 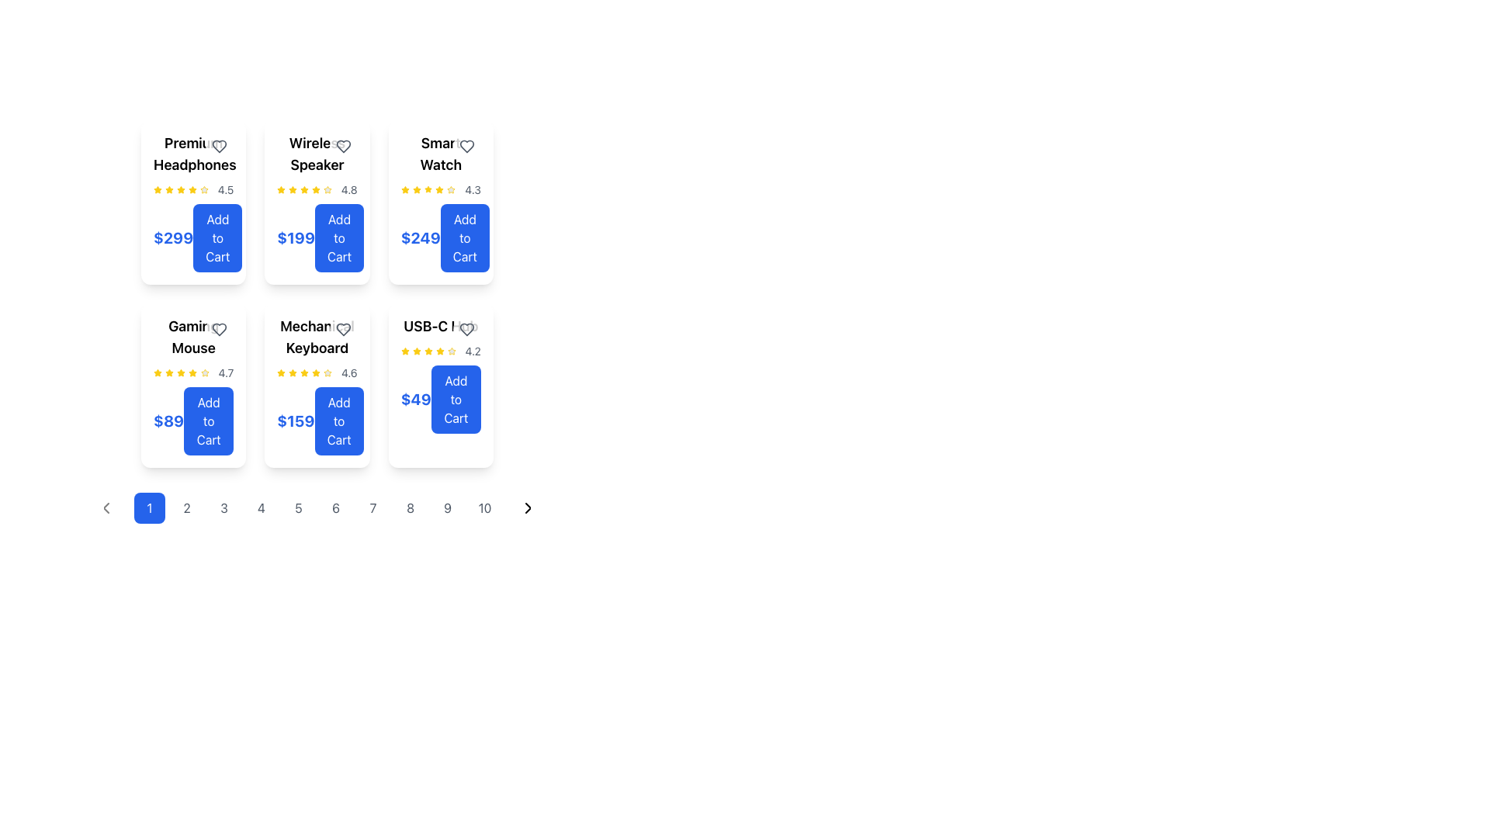 What do you see at coordinates (106, 508) in the screenshot?
I see `the small gray button with a chevron-left styled arrow icon located in the pagination control` at bounding box center [106, 508].